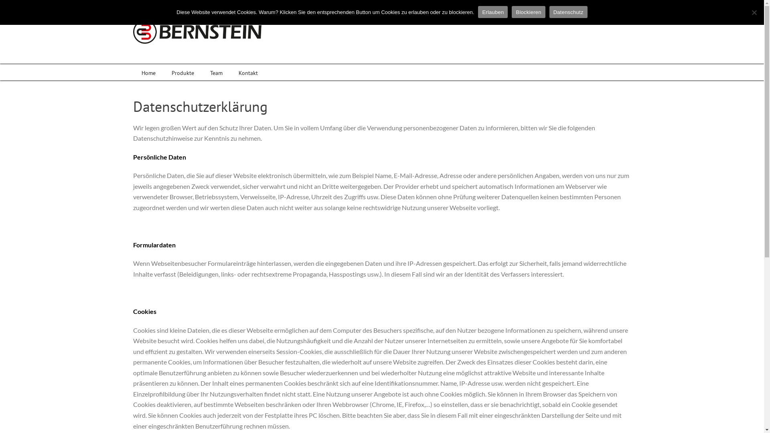 This screenshot has height=433, width=770. I want to click on 'Blockieren', so click(754, 12).